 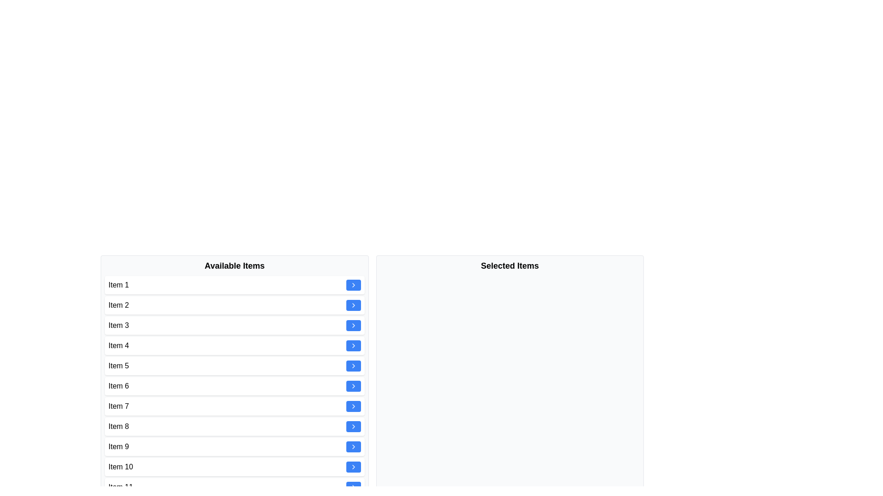 I want to click on the right-facing chevron icon within the button located in the eleventh row of the 'Available Items' panel, so click(x=353, y=427).